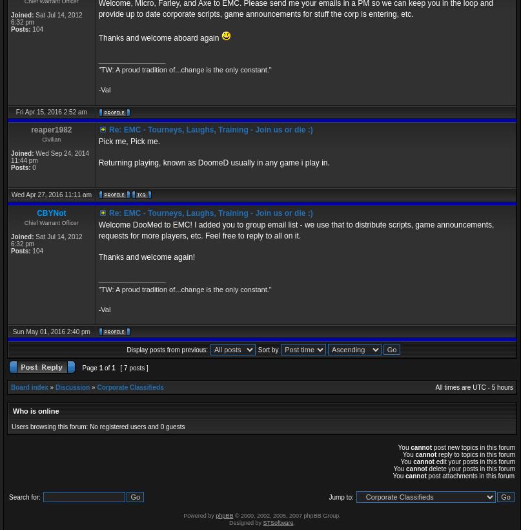 This screenshot has width=521, height=530. I want to click on 'All times are UTC - 5 hours', so click(473, 387).